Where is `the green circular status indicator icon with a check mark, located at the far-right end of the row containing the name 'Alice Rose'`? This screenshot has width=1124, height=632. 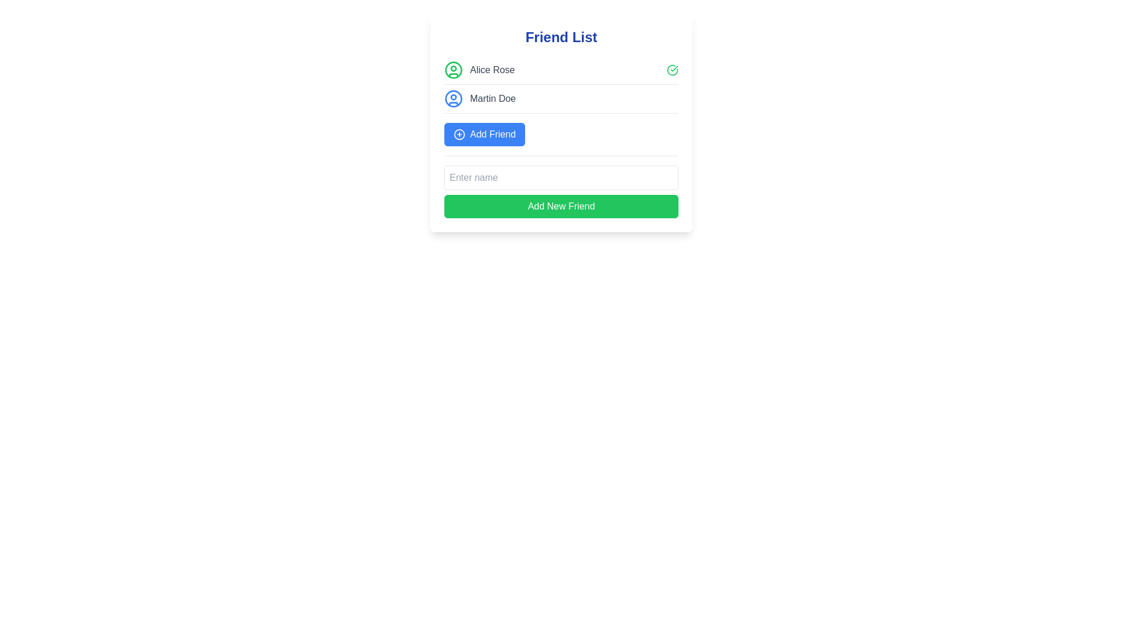 the green circular status indicator icon with a check mark, located at the far-right end of the row containing the name 'Alice Rose' is located at coordinates (672, 70).